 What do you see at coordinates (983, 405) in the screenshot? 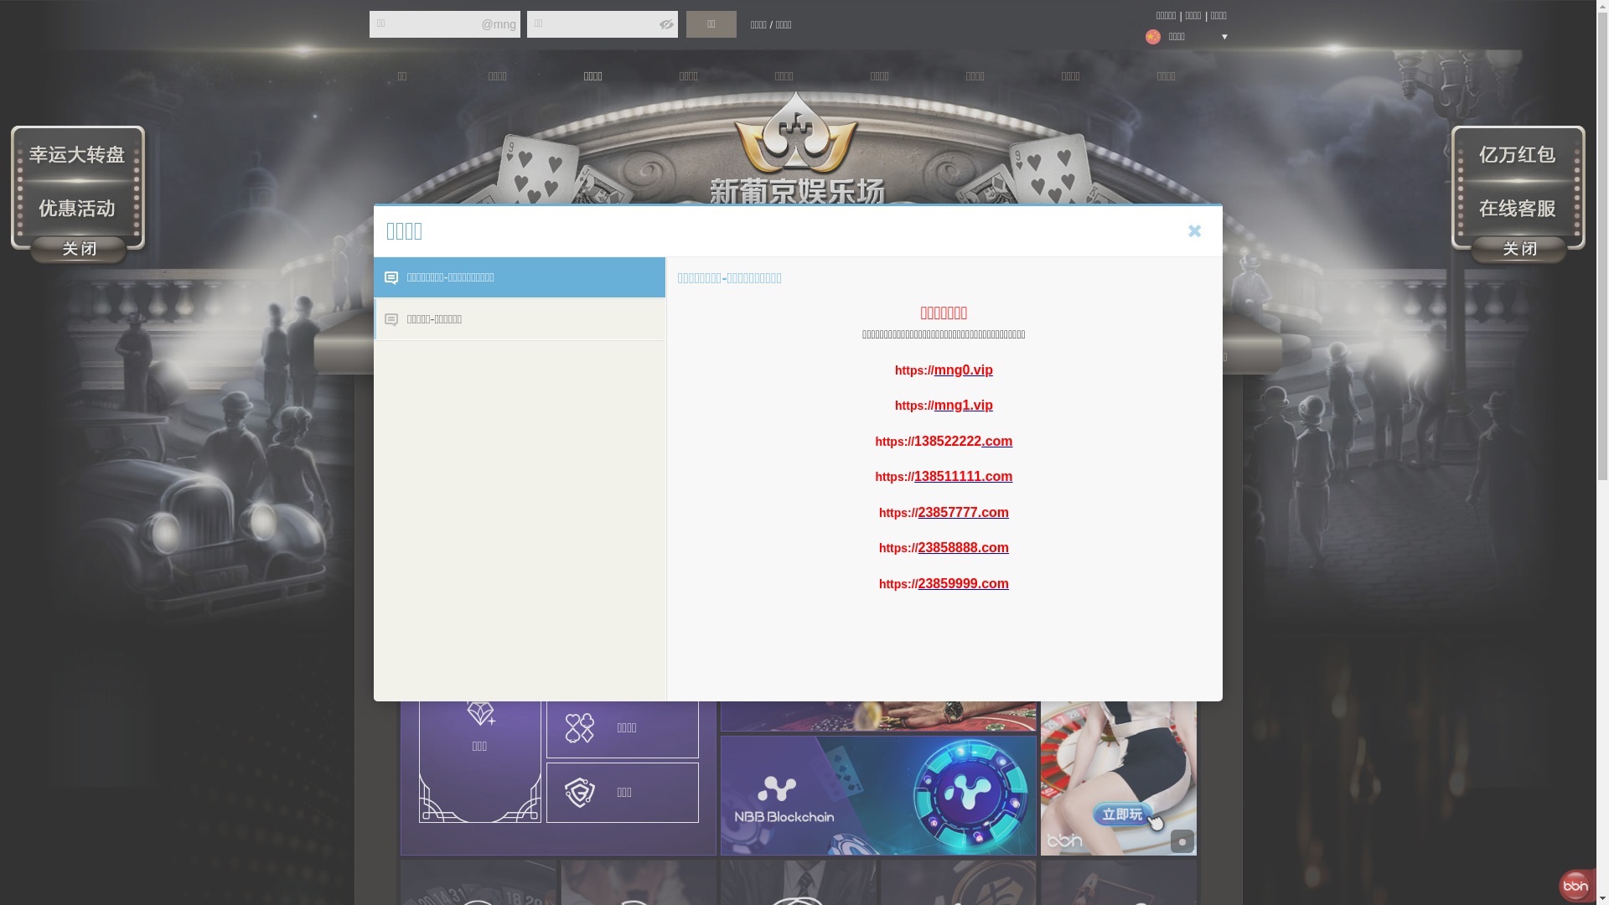
I see `'vip'` at bounding box center [983, 405].